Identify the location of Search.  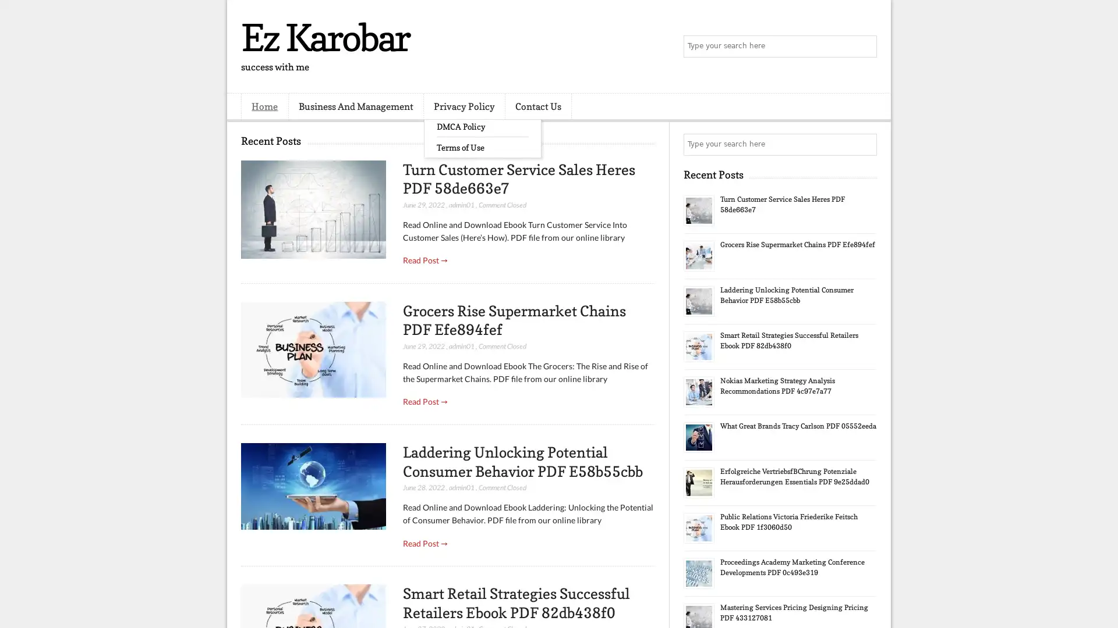
(865, 144).